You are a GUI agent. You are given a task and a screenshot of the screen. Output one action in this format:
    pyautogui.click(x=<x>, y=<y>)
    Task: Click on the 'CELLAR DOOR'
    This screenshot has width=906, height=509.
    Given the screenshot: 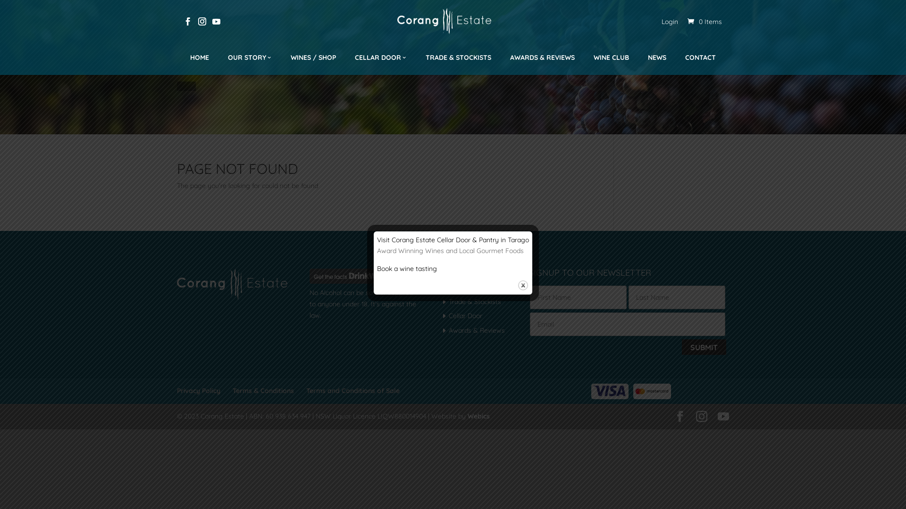 What is the action you would take?
    pyautogui.click(x=344, y=57)
    